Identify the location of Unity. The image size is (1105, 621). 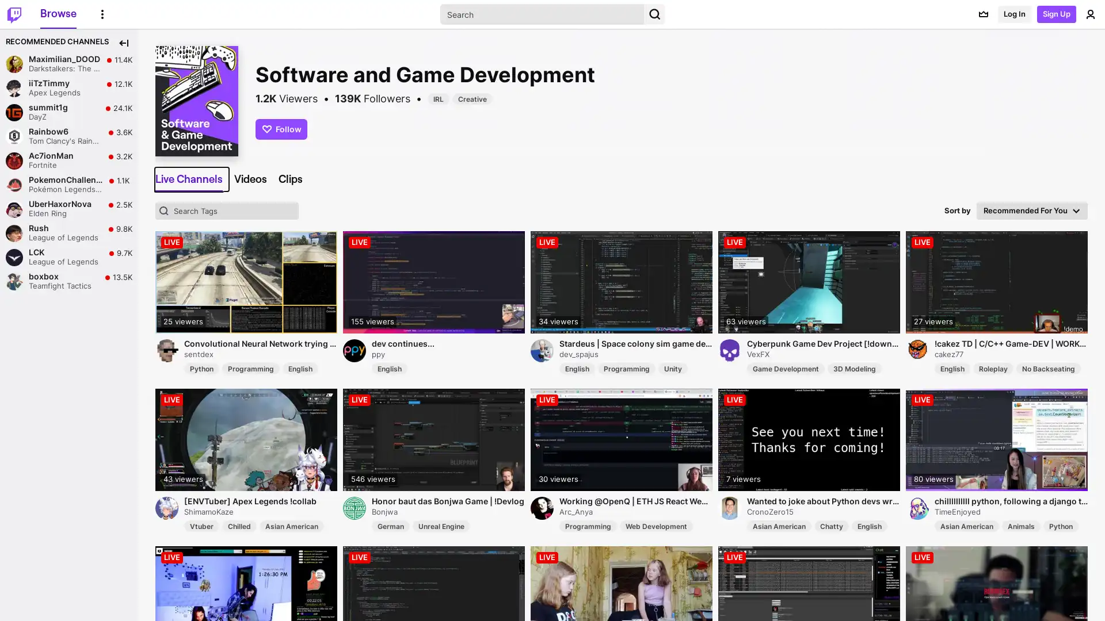
(673, 368).